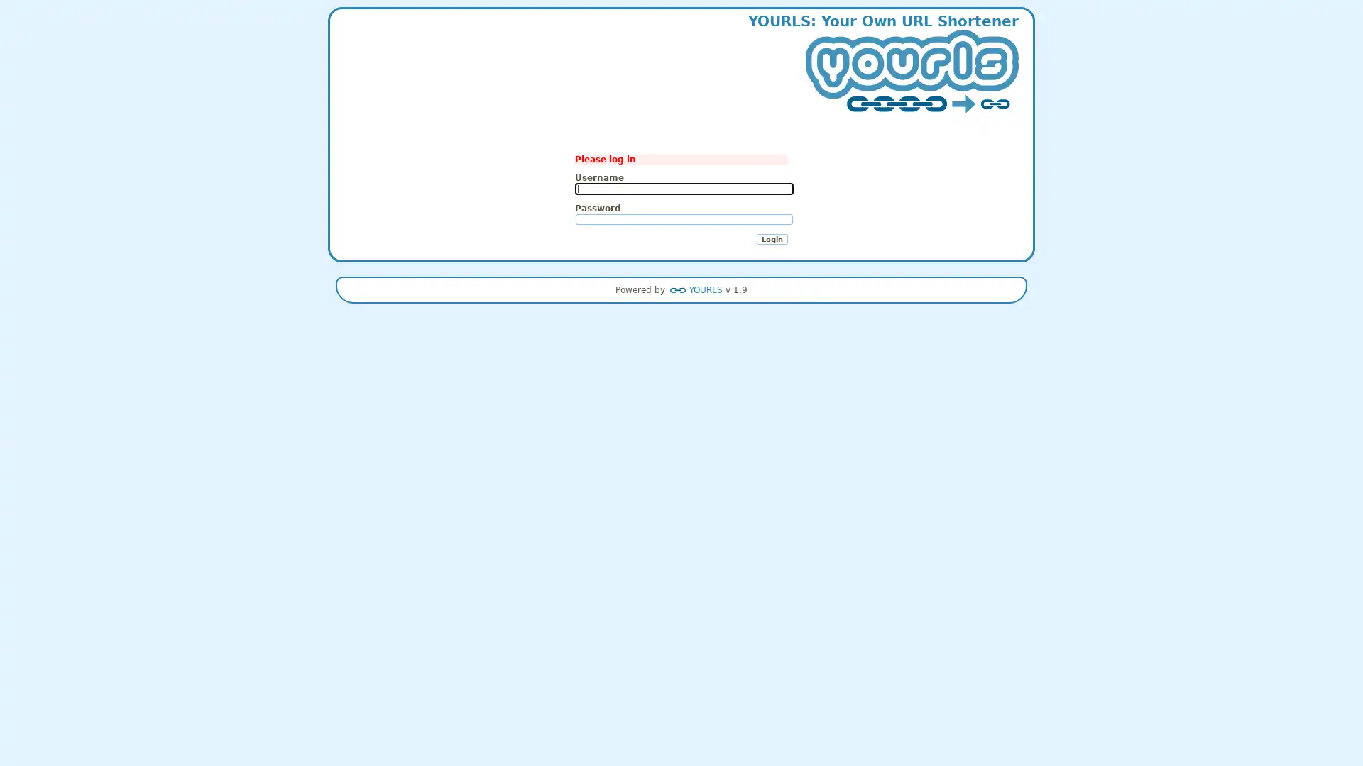 The image size is (1363, 766). Describe the element at coordinates (772, 238) in the screenshot. I see `Login` at that location.